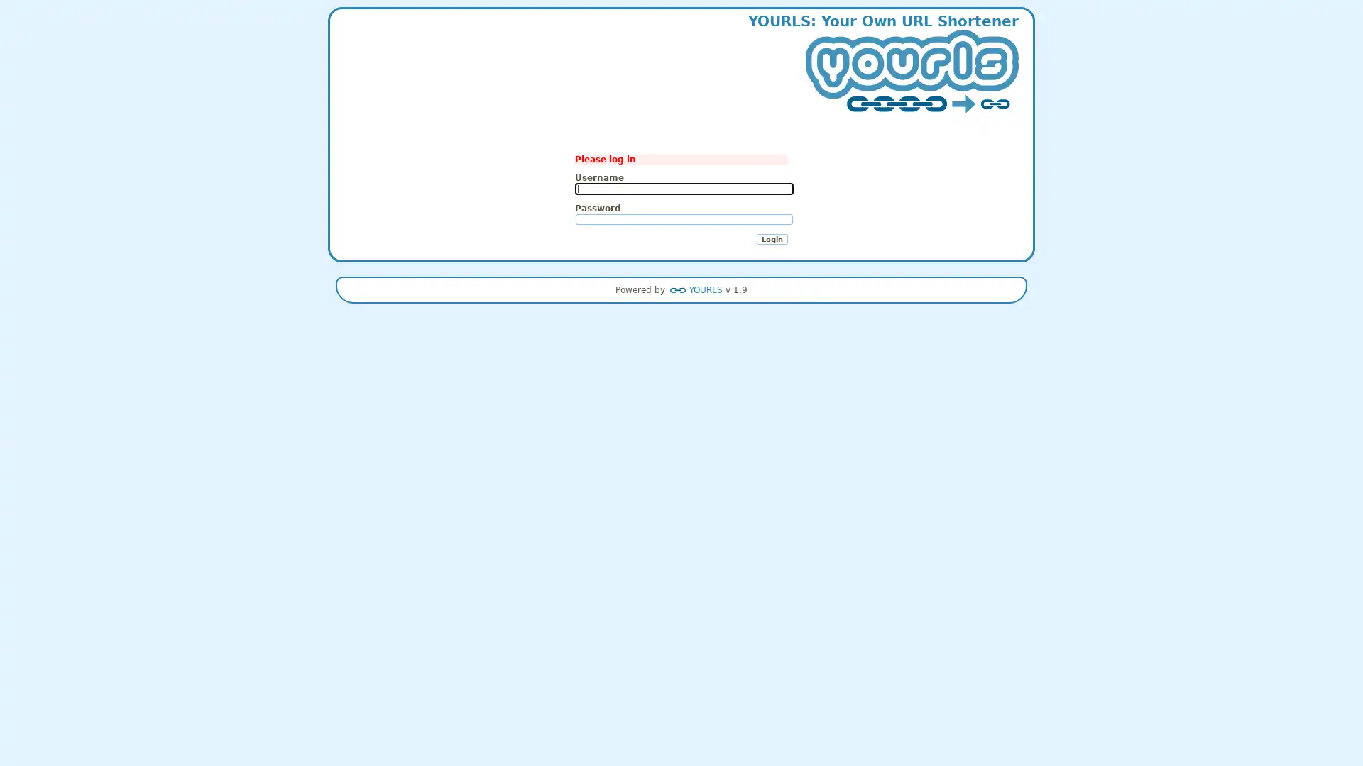 The image size is (1363, 766). Describe the element at coordinates (772, 238) in the screenshot. I see `Login` at that location.